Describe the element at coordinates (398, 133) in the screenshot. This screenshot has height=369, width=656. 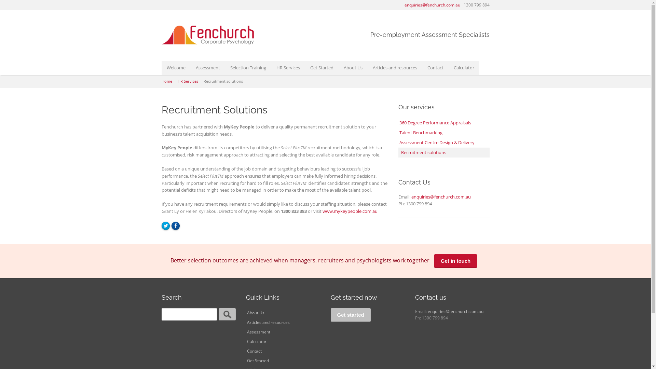
I see `'Talent Benchmarking'` at that location.